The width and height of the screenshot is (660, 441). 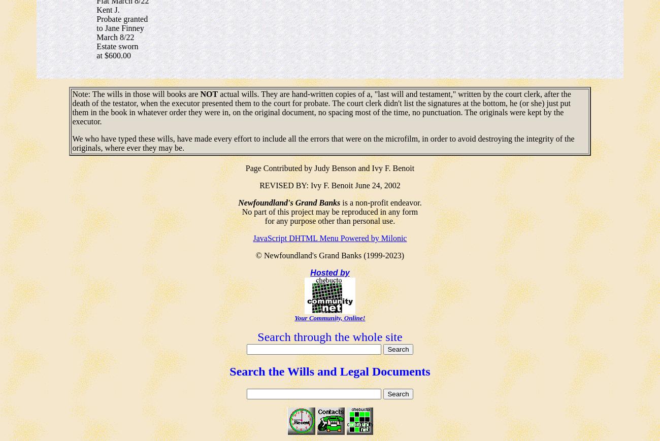 What do you see at coordinates (96, 45) in the screenshot?
I see `'Estate sworn'` at bounding box center [96, 45].